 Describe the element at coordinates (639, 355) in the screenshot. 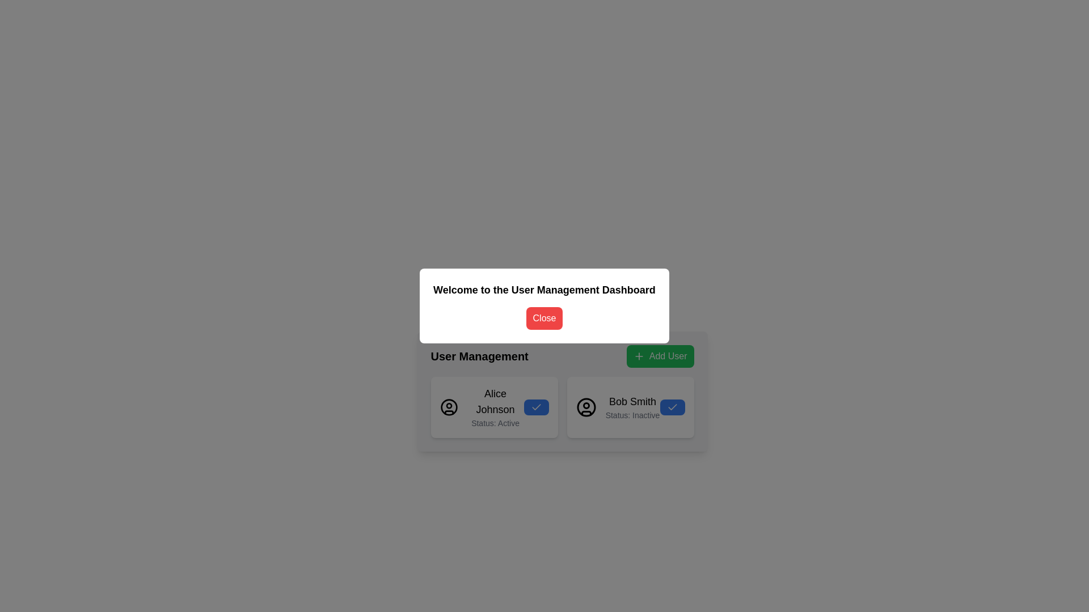

I see `the plus sign icon within the 'Add User' button located in the top-right corner of the user management section to initiate the action of adding a new user` at that location.